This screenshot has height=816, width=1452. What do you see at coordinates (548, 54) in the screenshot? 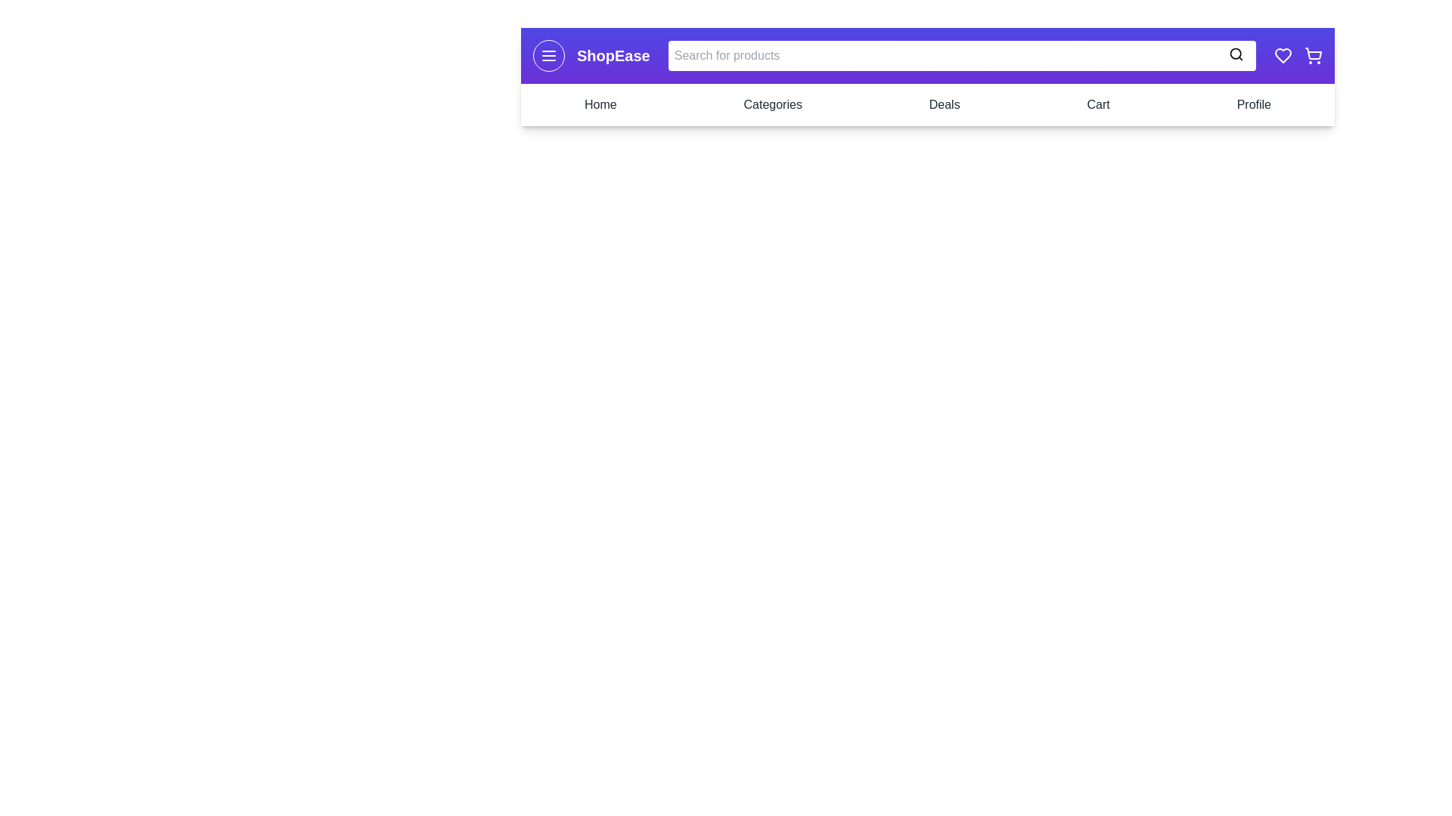
I see `the menu icon to toggle the navigation drawer` at bounding box center [548, 54].